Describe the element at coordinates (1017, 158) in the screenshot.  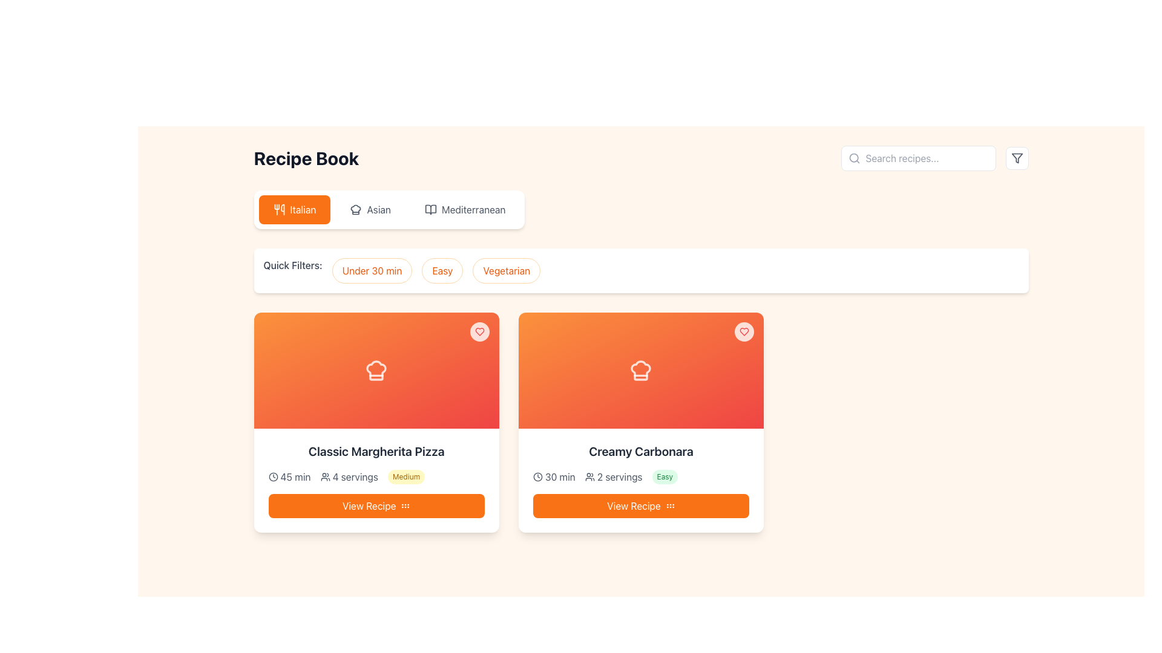
I see `the small gray filter icon resembling an inverted triangle located in the top-right corner adjacent to the search bar` at that location.